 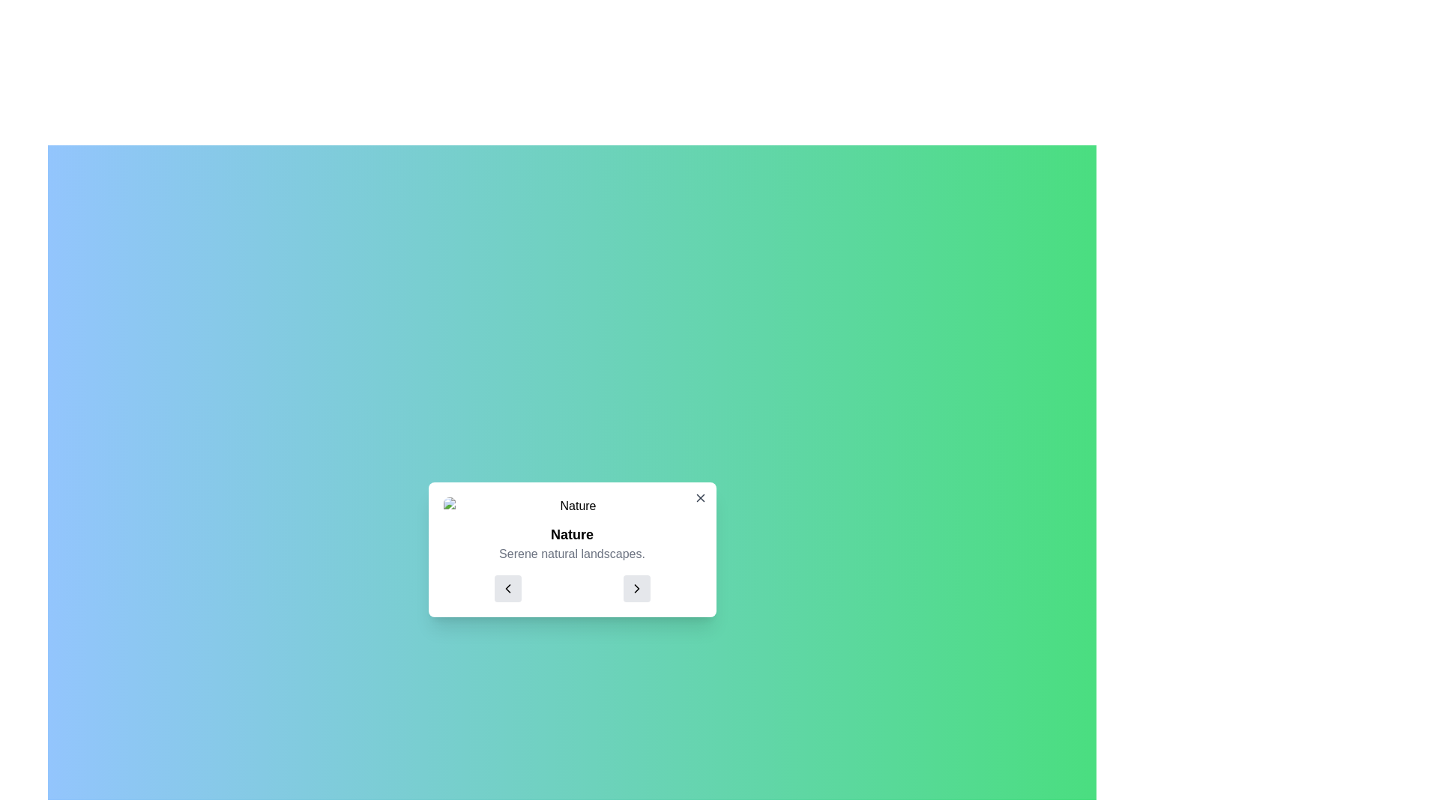 What do you see at coordinates (571, 554) in the screenshot?
I see `the static text element displaying 'Serene natural landscapes.' which is styled with the class 'text-gray-500 mb-4' and located below the title 'Nature'` at bounding box center [571, 554].